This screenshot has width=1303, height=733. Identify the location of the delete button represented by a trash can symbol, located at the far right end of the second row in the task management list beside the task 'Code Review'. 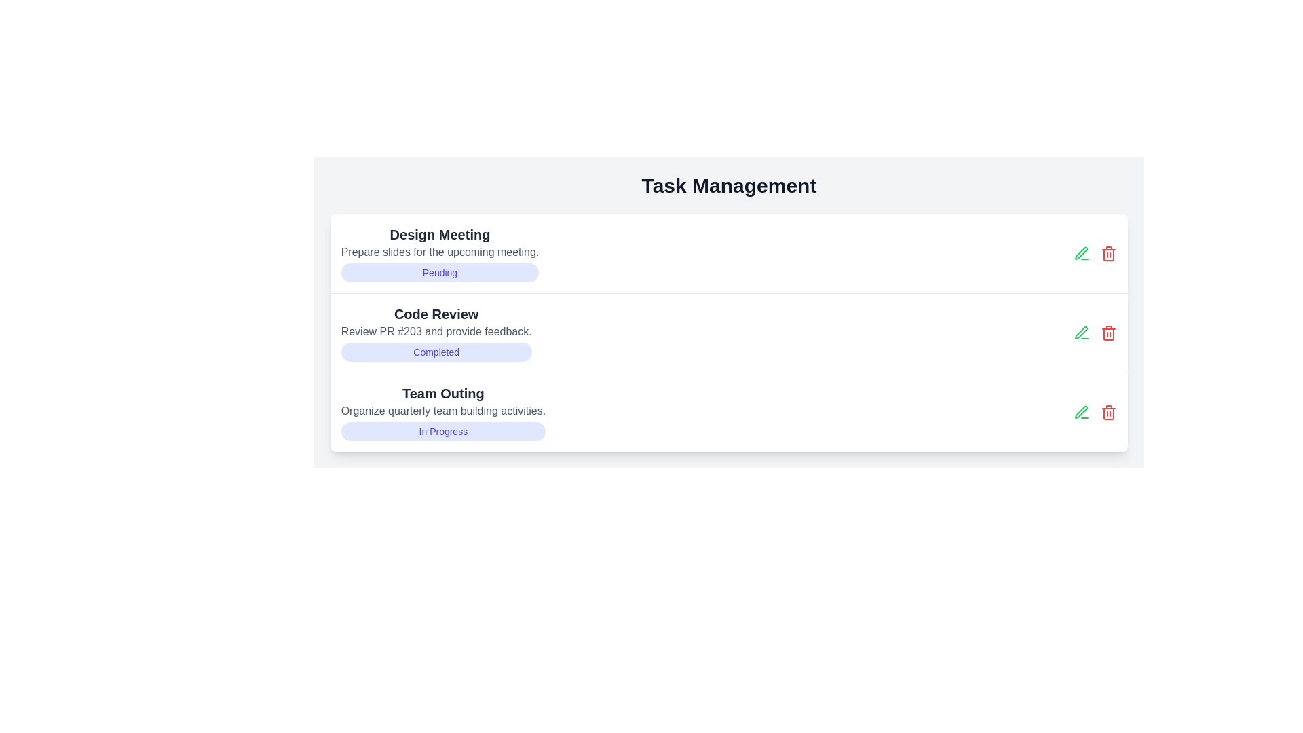
(1109, 254).